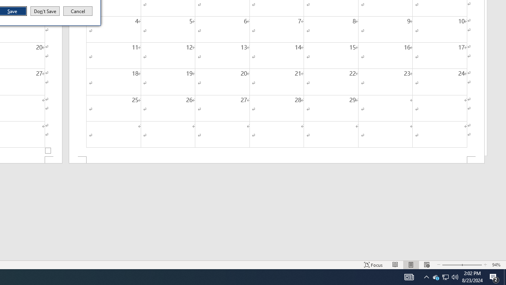 Image resolution: width=506 pixels, height=285 pixels. What do you see at coordinates (455, 276) in the screenshot?
I see `'Q2790: 100%'` at bounding box center [455, 276].